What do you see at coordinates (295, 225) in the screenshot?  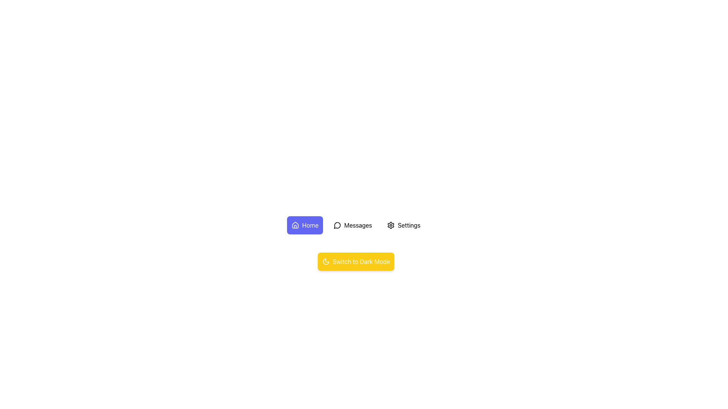 I see `the house icon which is outlined in white on a purple background, located to the left of the 'Home' label` at bounding box center [295, 225].